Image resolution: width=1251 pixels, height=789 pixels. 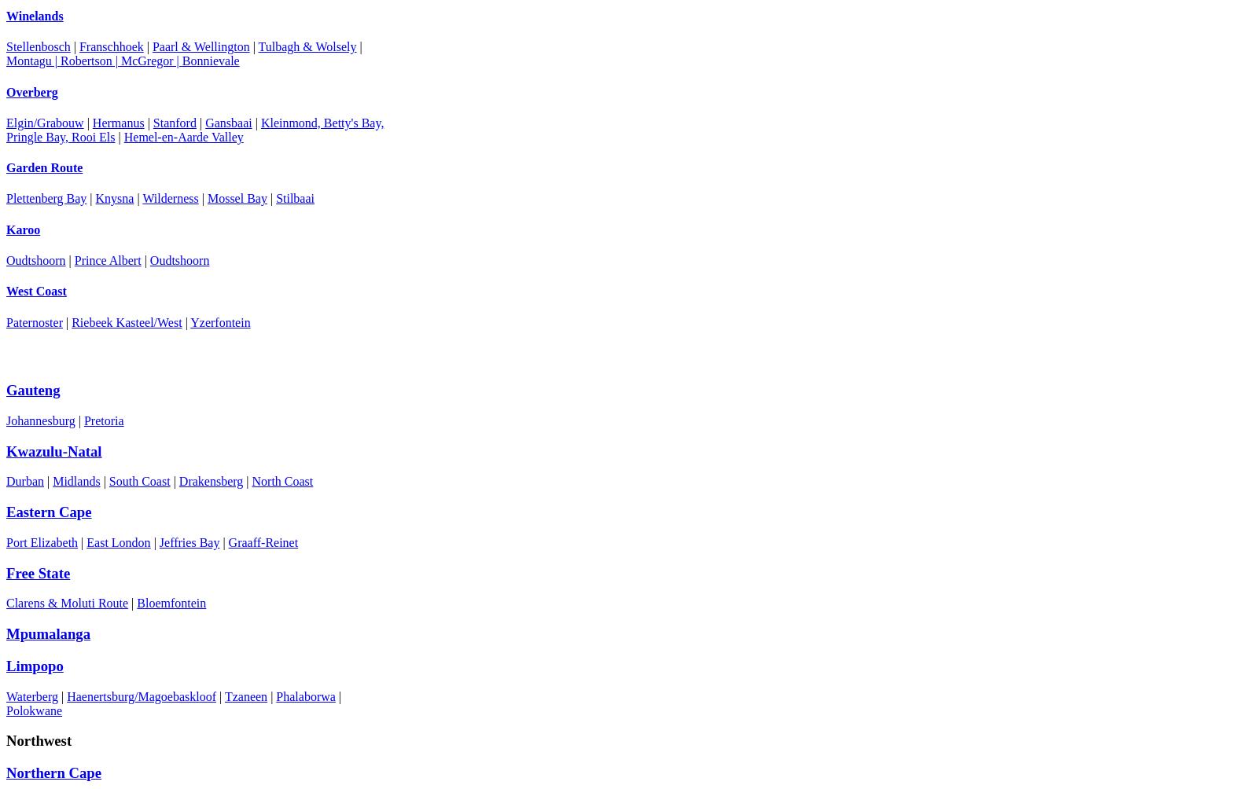 What do you see at coordinates (227, 121) in the screenshot?
I see `'Gansbaai'` at bounding box center [227, 121].